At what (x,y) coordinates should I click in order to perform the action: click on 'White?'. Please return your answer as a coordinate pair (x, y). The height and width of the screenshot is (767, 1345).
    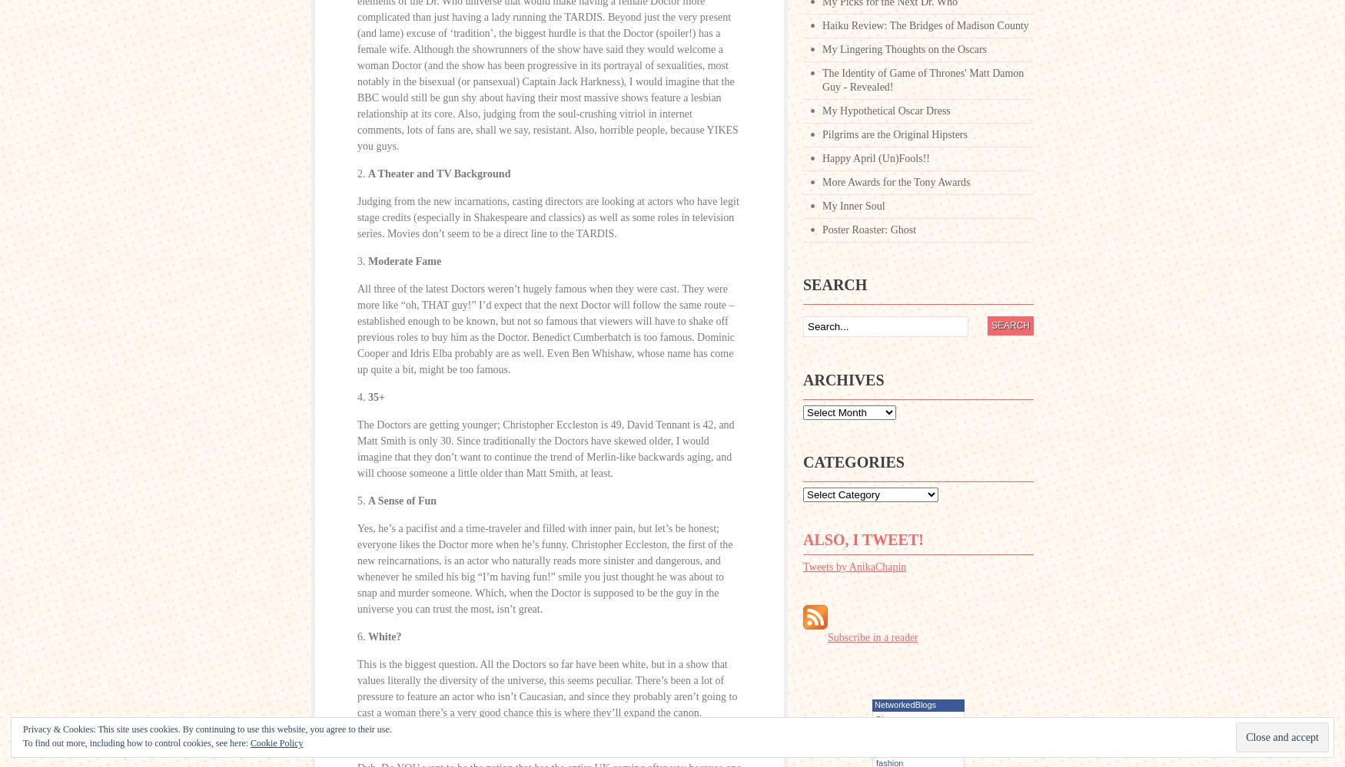
    Looking at the image, I should click on (384, 636).